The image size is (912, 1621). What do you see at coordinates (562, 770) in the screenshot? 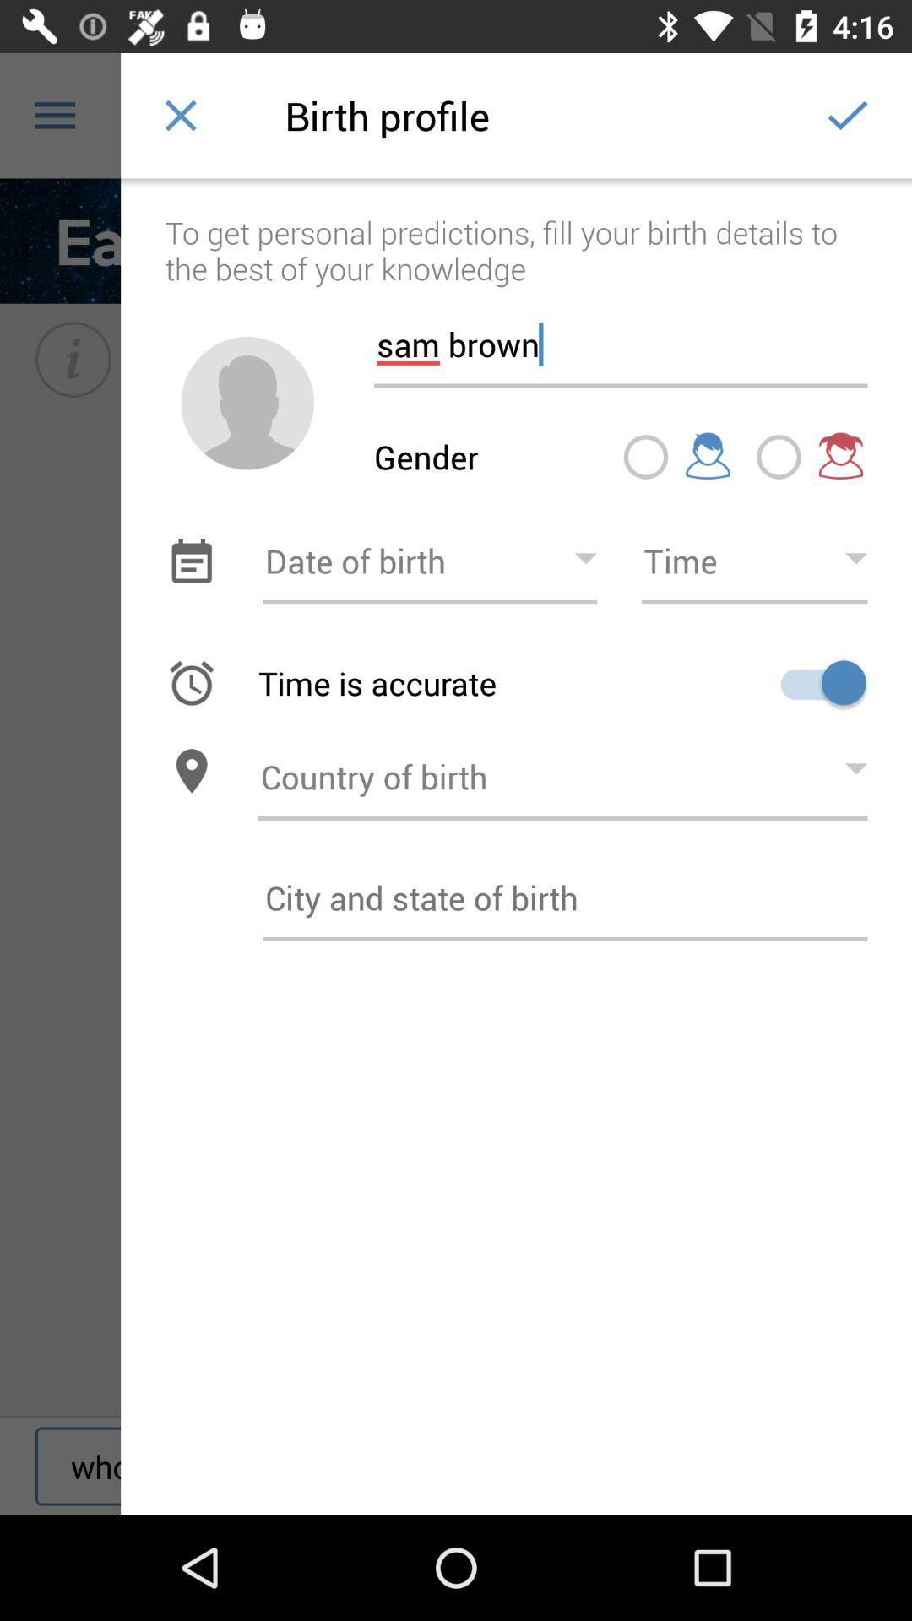
I see `birth country location` at bounding box center [562, 770].